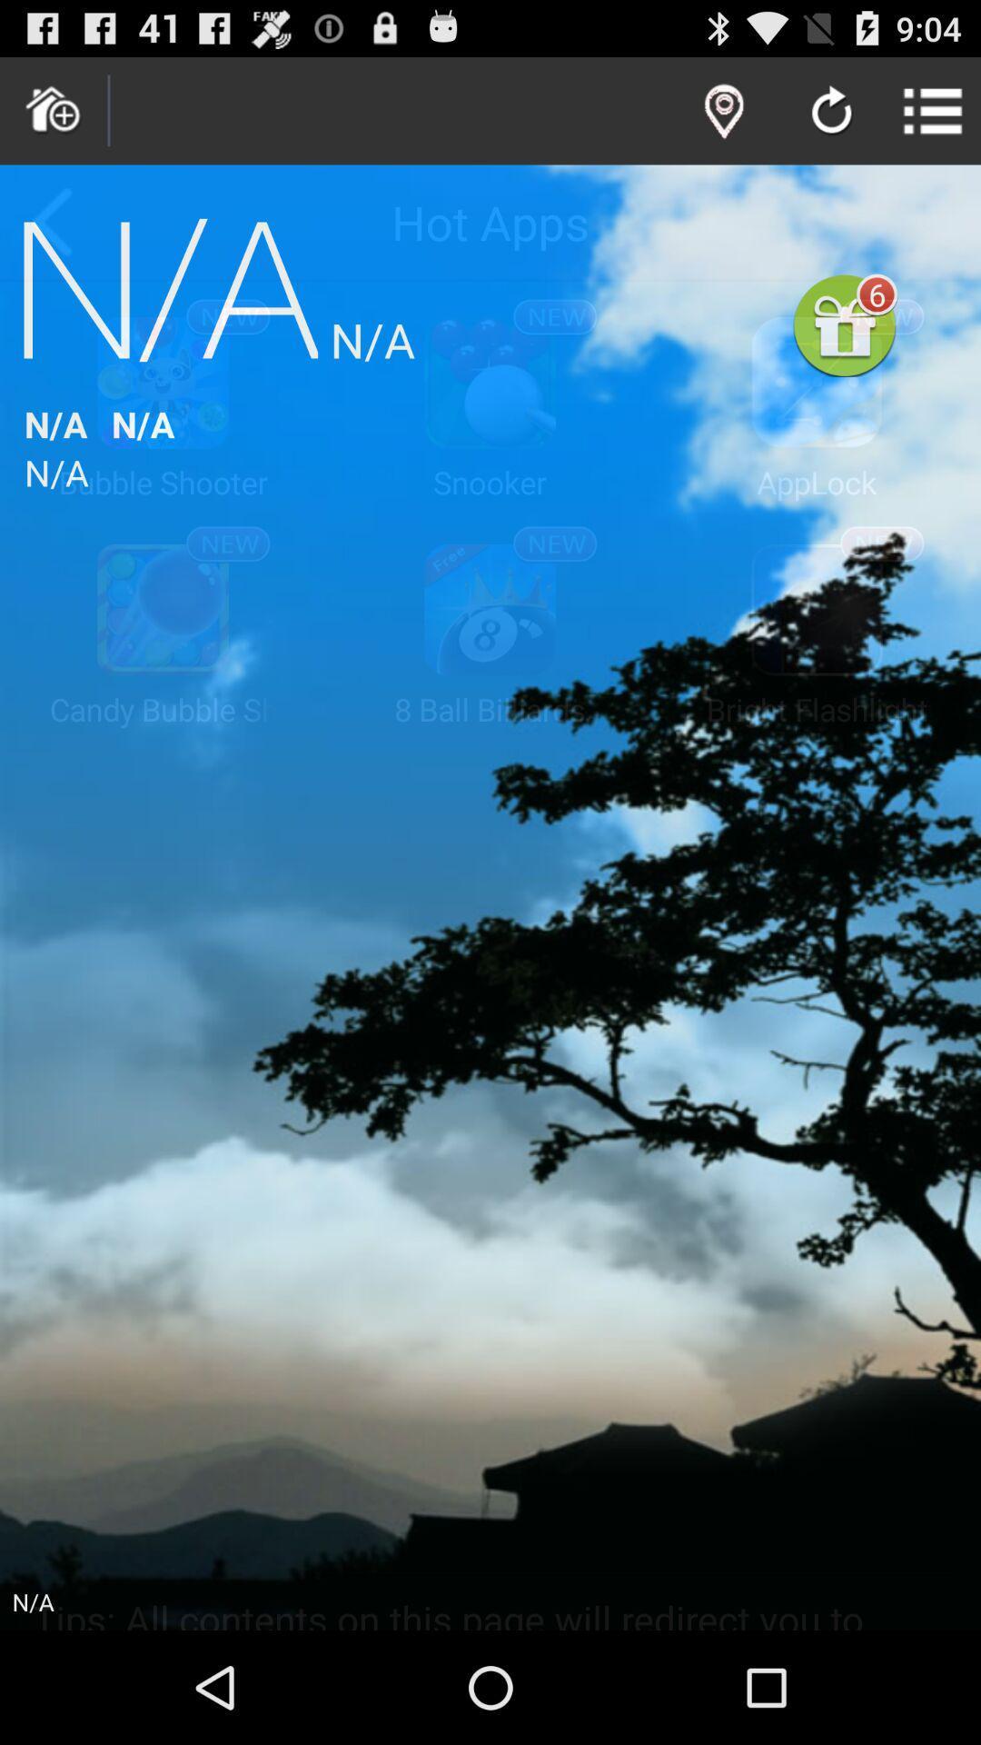 This screenshot has width=981, height=1745. I want to click on refresh page, so click(831, 112).